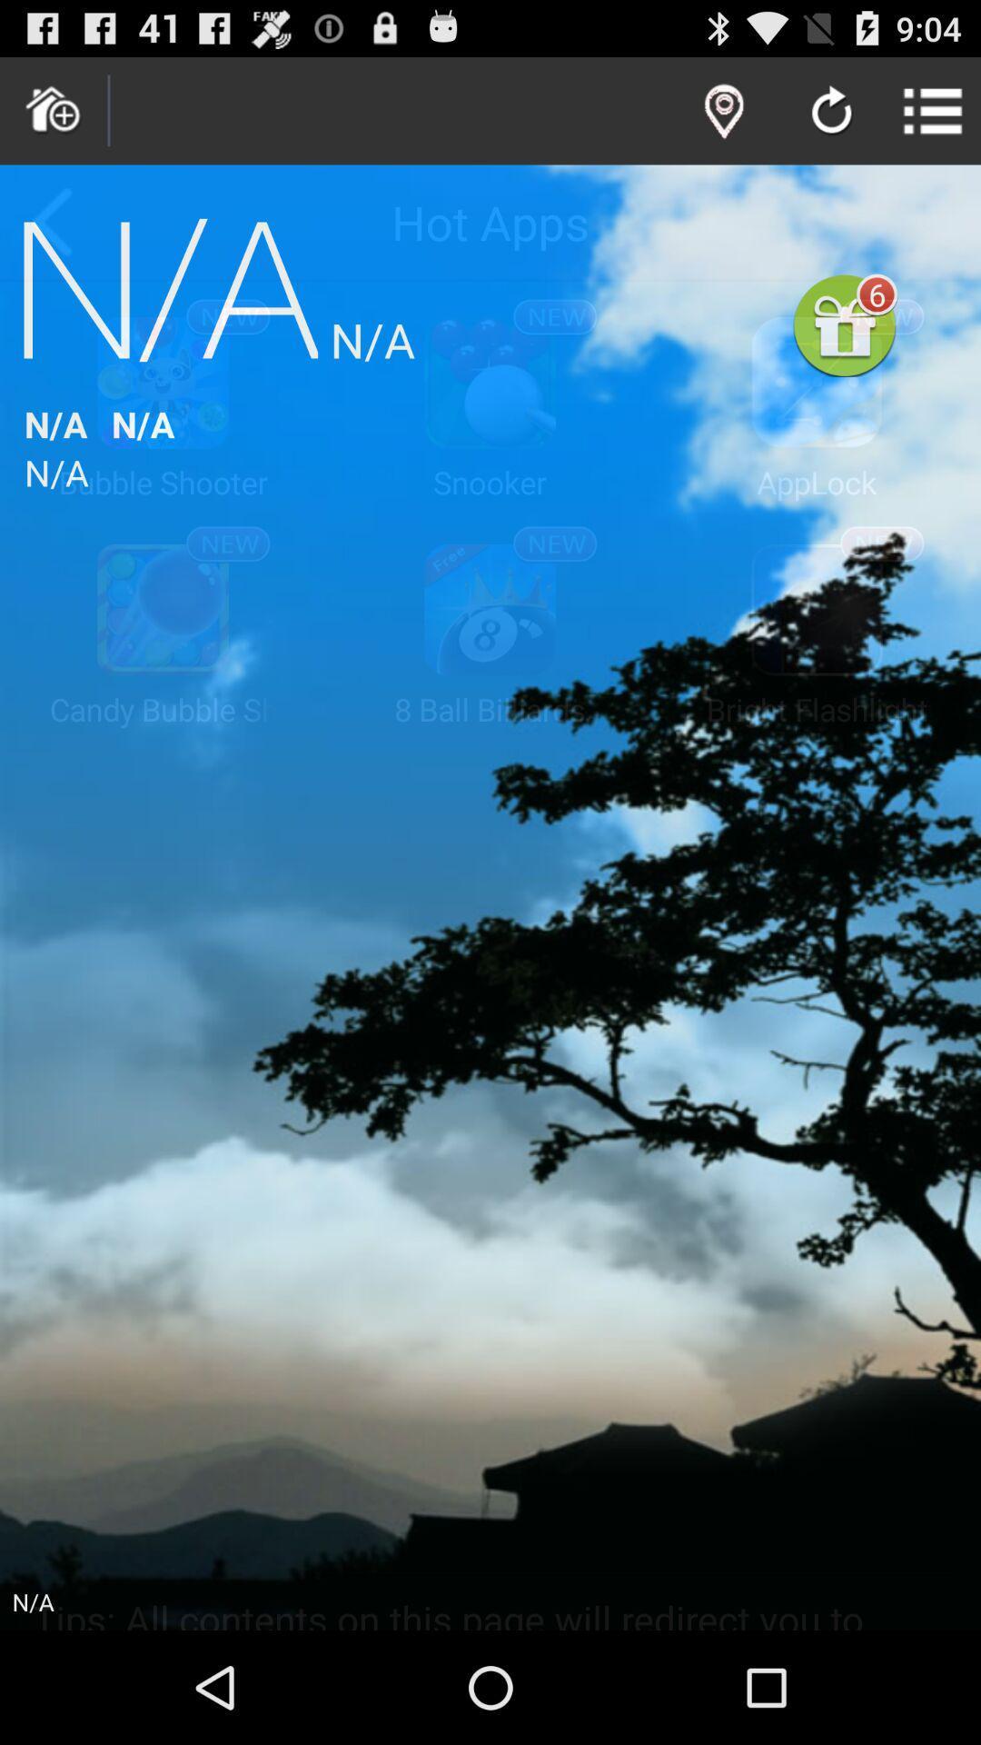 This screenshot has width=981, height=1745. I want to click on refresh page, so click(831, 112).